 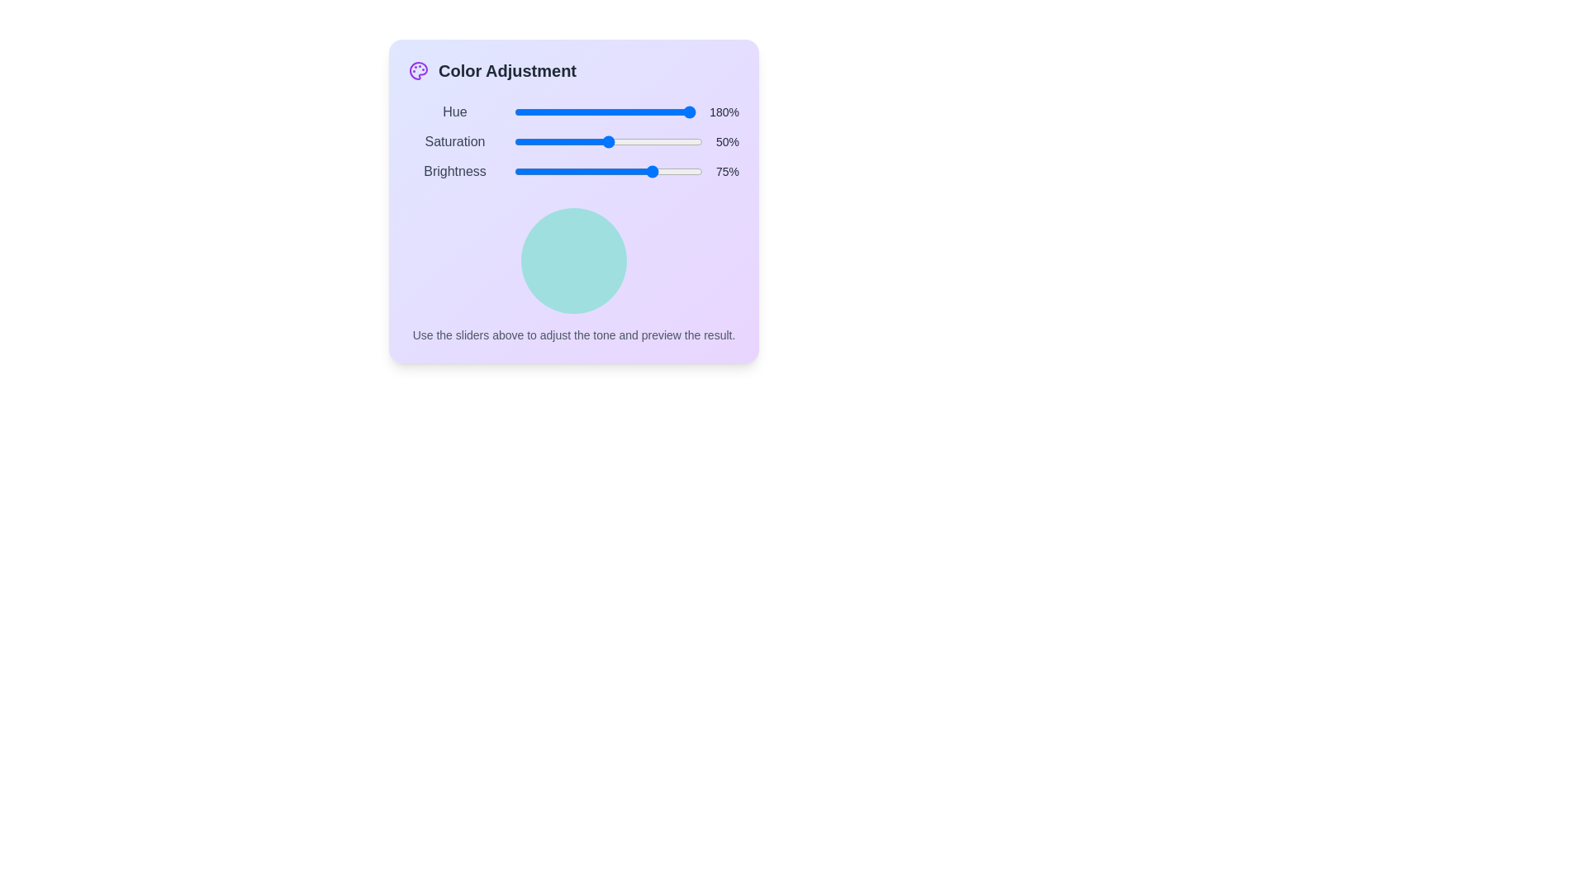 What do you see at coordinates (598, 141) in the screenshot?
I see `the 'Saturation' slider to 45% by dragging the slider` at bounding box center [598, 141].